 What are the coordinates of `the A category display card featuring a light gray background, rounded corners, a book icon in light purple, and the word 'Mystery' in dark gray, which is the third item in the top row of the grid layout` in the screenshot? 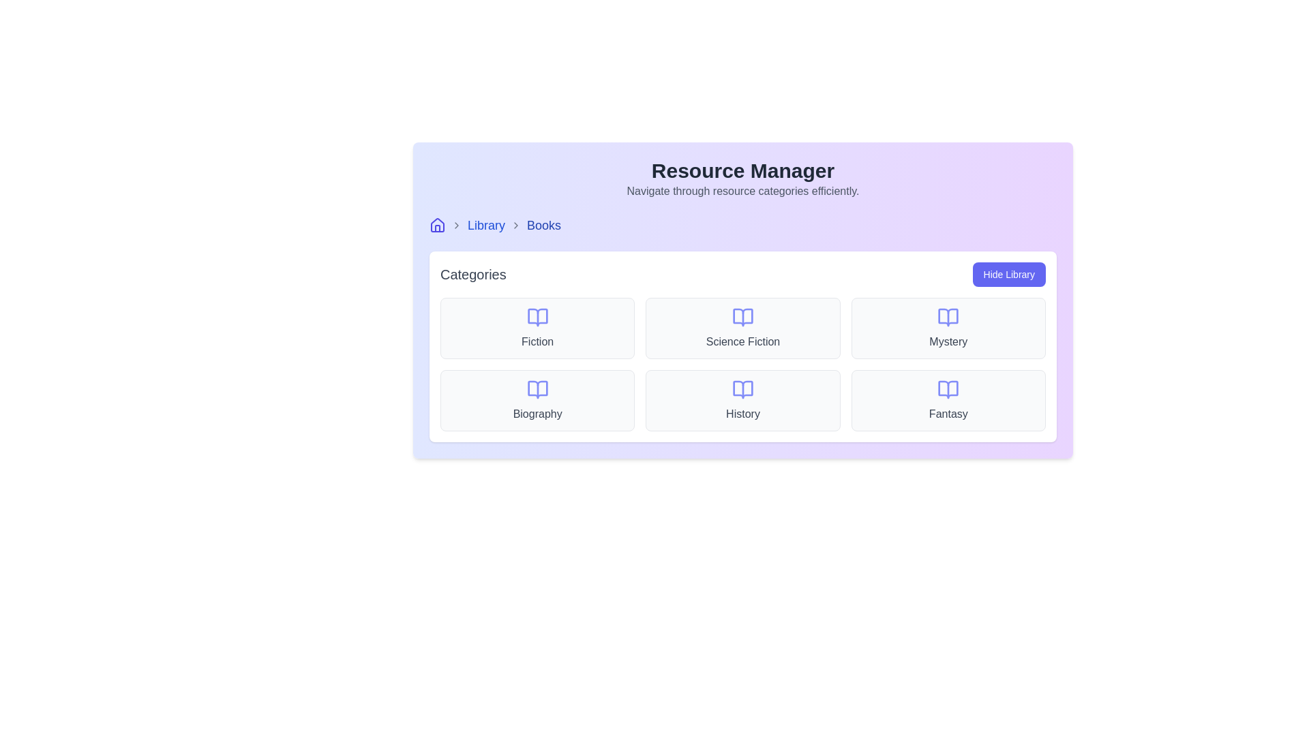 It's located at (948, 328).